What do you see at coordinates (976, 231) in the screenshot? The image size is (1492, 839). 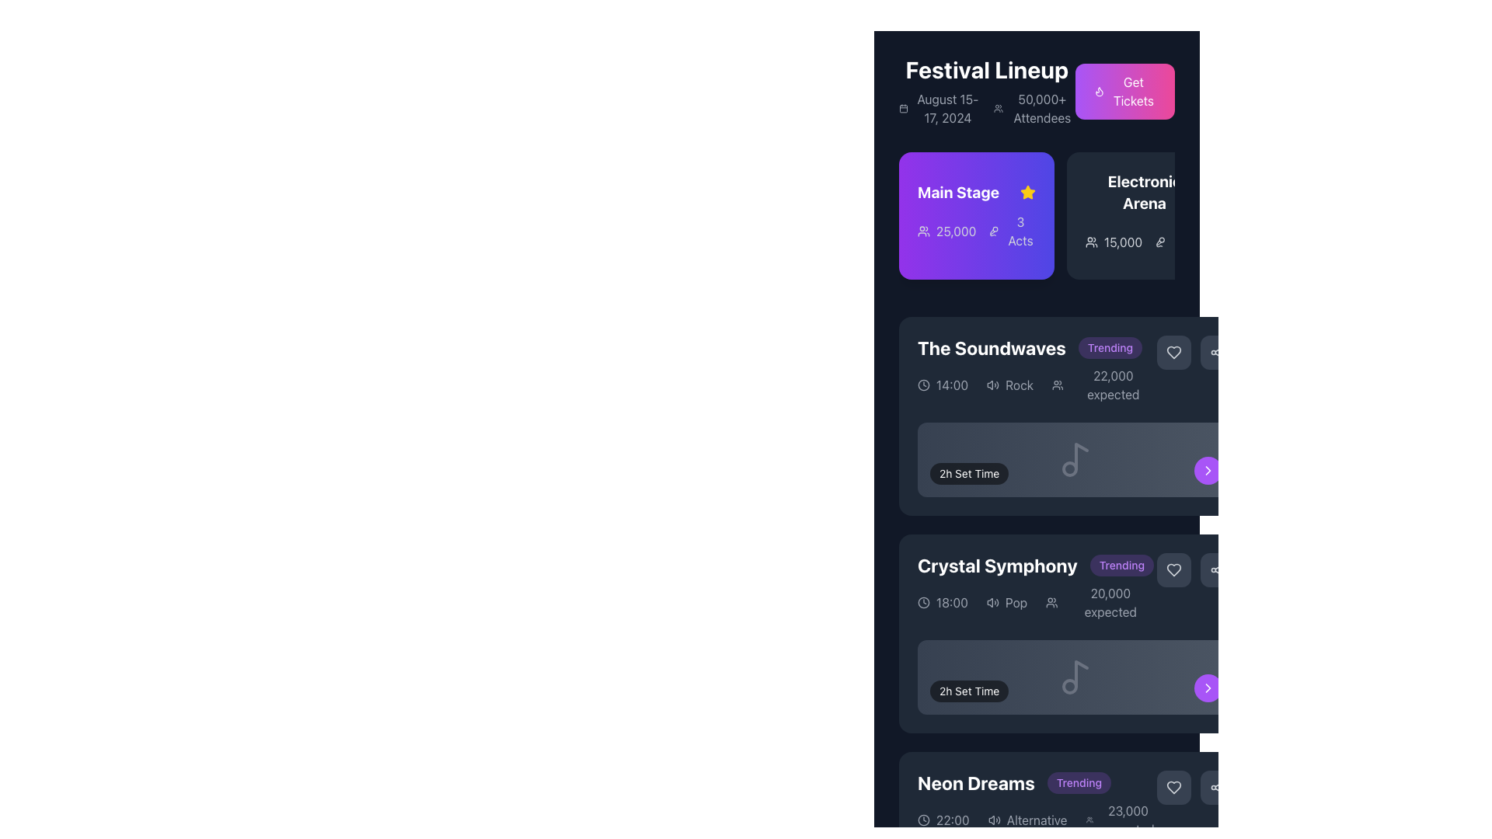 I see `displayed data from the informational label located at the bottom center of the purple card labeled 'Main Stage'` at bounding box center [976, 231].